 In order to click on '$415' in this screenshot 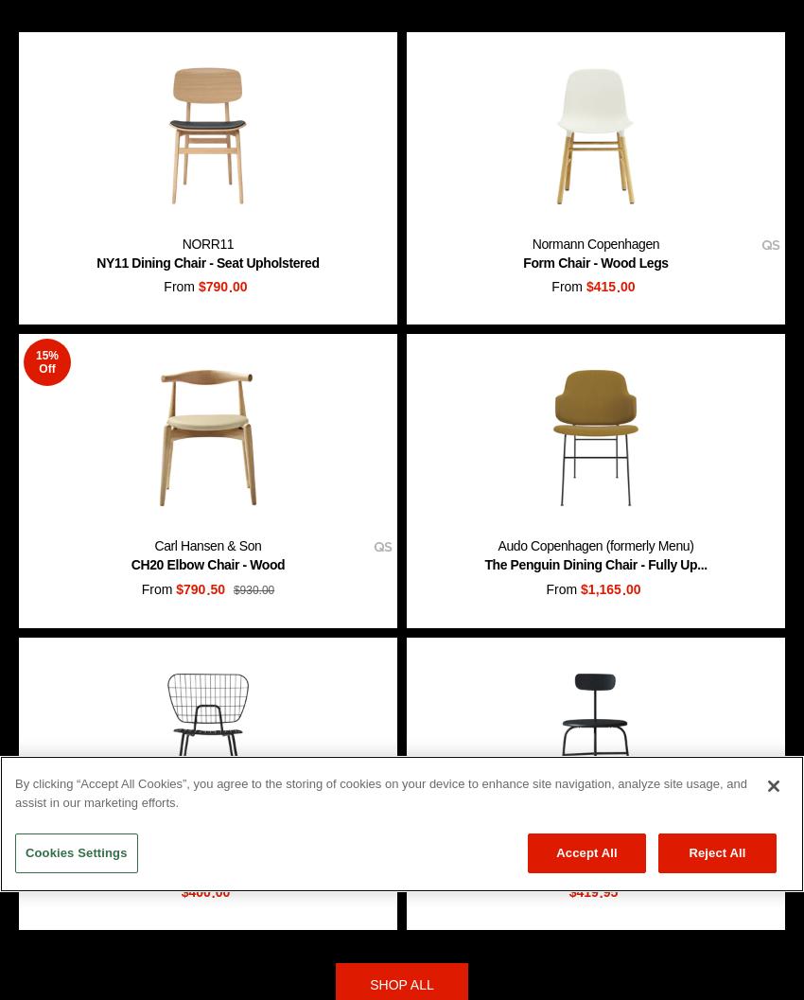, I will do `click(598, 287)`.